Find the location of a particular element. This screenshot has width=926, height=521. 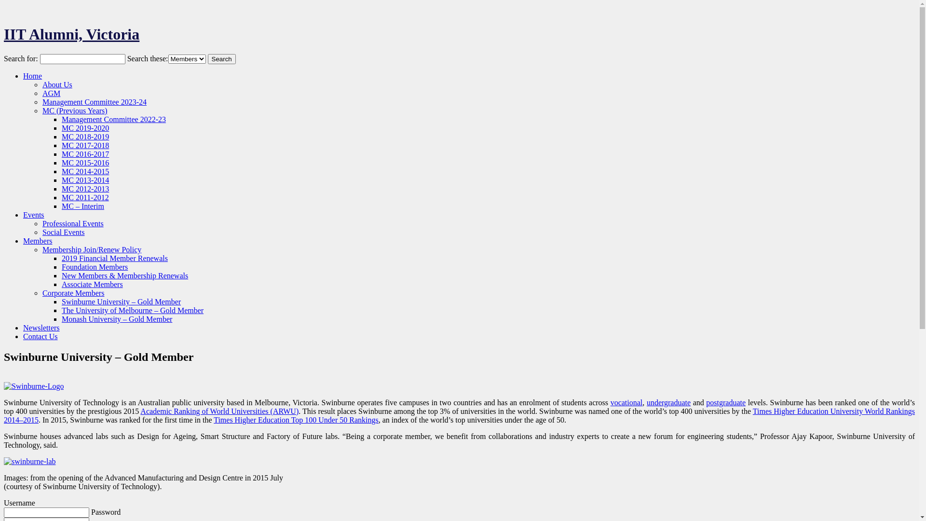

'AGM' is located at coordinates (51, 93).